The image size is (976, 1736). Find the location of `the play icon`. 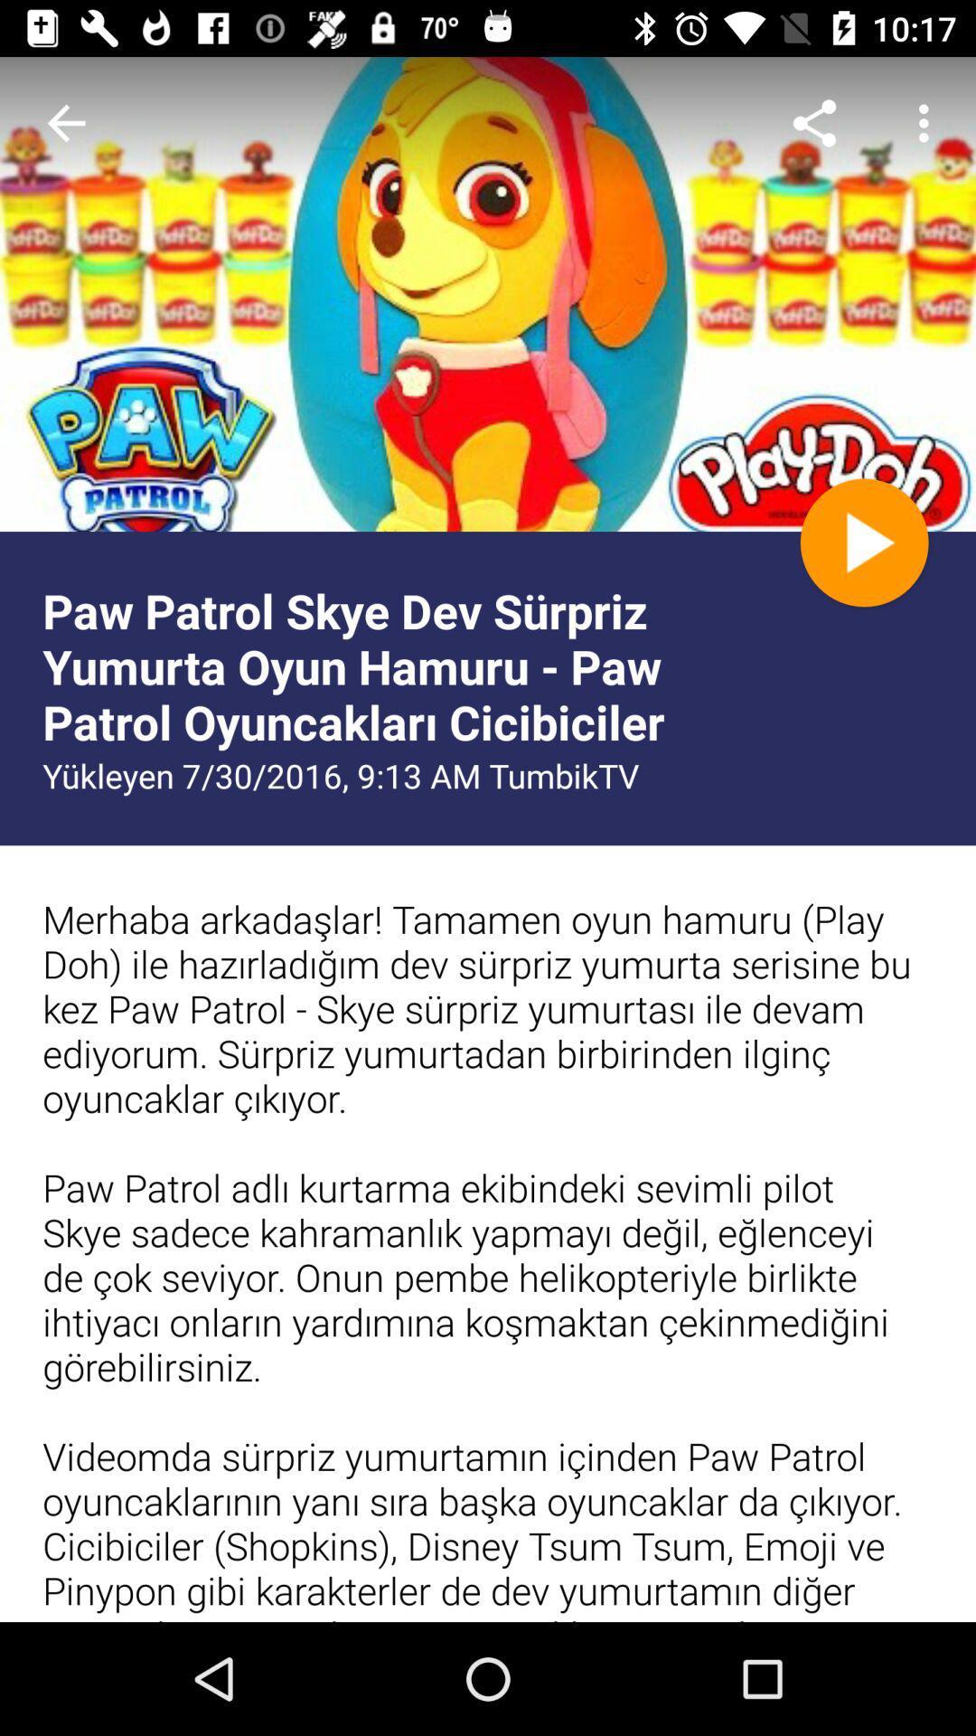

the play icon is located at coordinates (863, 542).